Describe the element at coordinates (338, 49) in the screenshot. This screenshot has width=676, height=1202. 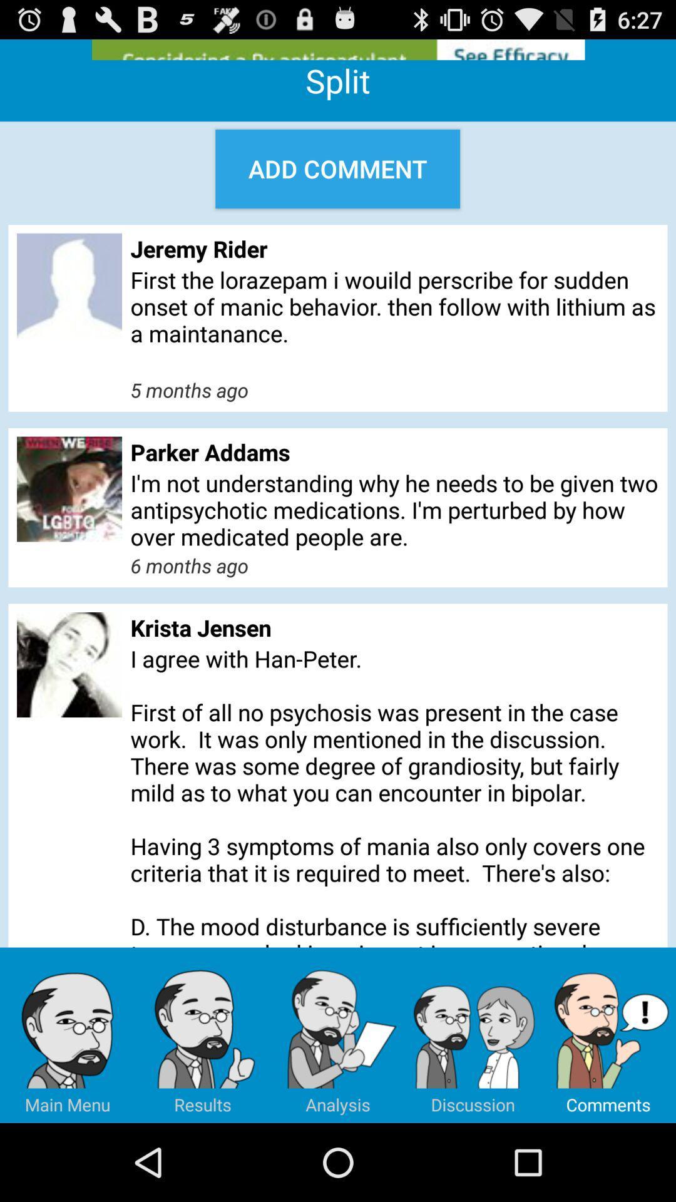
I see `item above the add comment` at that location.